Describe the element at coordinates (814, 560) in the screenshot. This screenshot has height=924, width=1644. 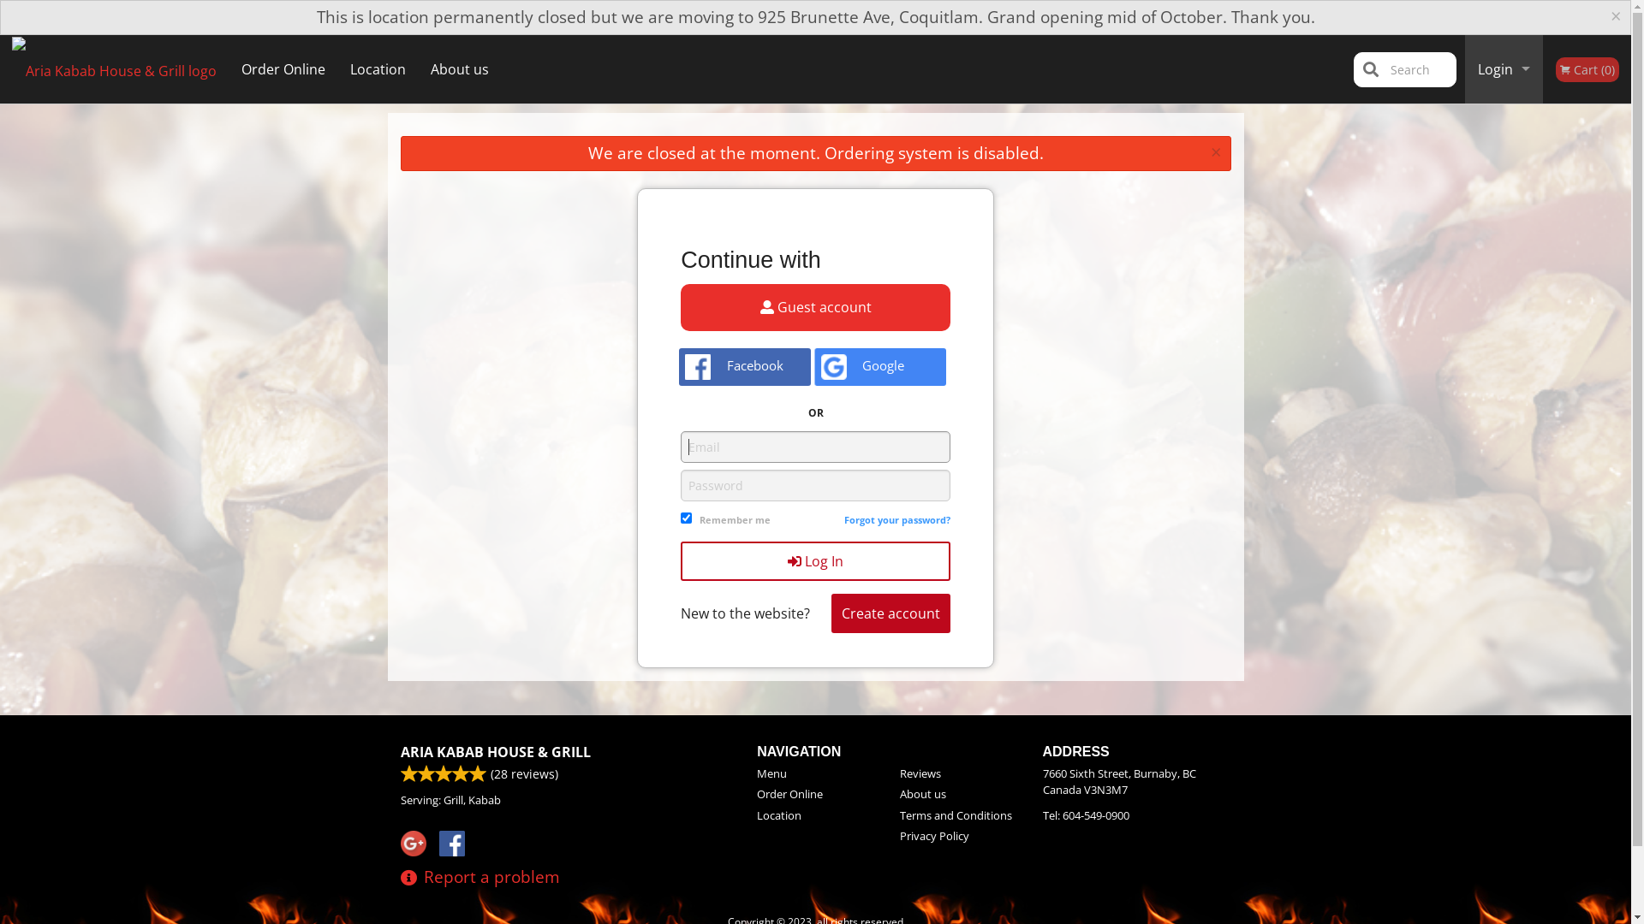
I see `'Log In'` at that location.